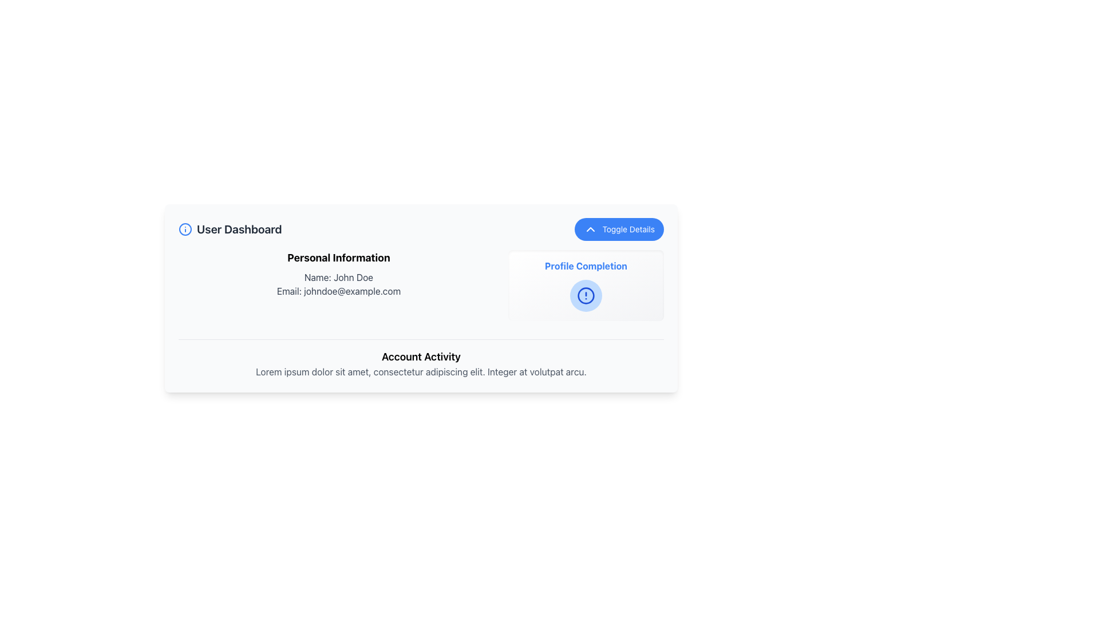  What do you see at coordinates (185, 229) in the screenshot?
I see `the circular information icon with a blue outline located in the upper-middle area of the Profile Completion section of the dashboard` at bounding box center [185, 229].